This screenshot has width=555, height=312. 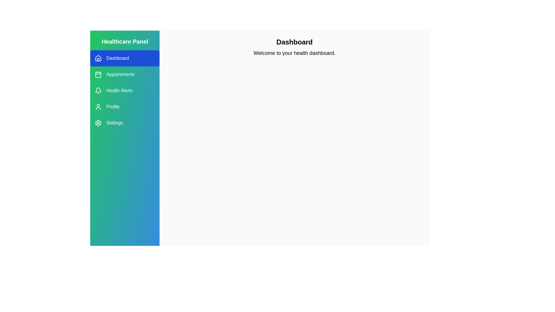 I want to click on the 'Appointments' button-like menu item located in the vertical sidebar menu, which is positioned under 'Dashboard' and above 'Health Alerts', so click(x=125, y=74).